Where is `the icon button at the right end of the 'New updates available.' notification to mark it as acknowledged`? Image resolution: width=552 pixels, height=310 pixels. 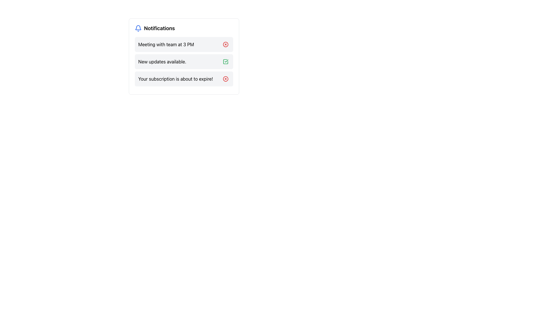
the icon button at the right end of the 'New updates available.' notification to mark it as acknowledged is located at coordinates (225, 62).